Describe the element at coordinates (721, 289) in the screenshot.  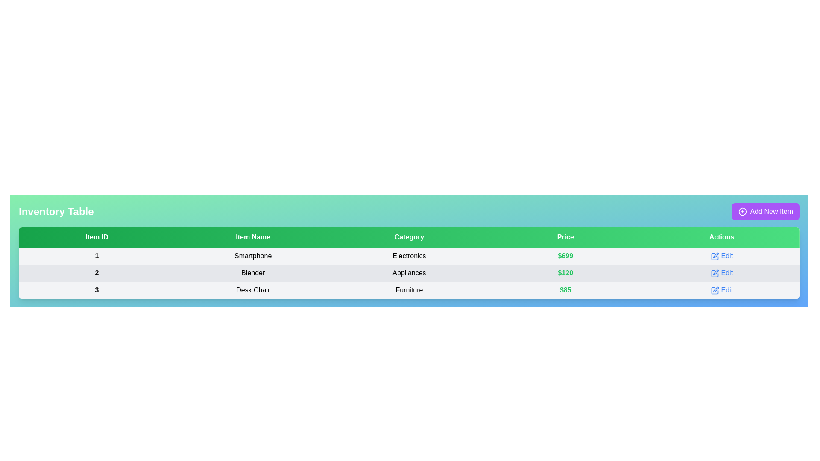
I see `the 'Edit' text link with icon in the last item of the 'Actions' column in the third row of the table` at that location.